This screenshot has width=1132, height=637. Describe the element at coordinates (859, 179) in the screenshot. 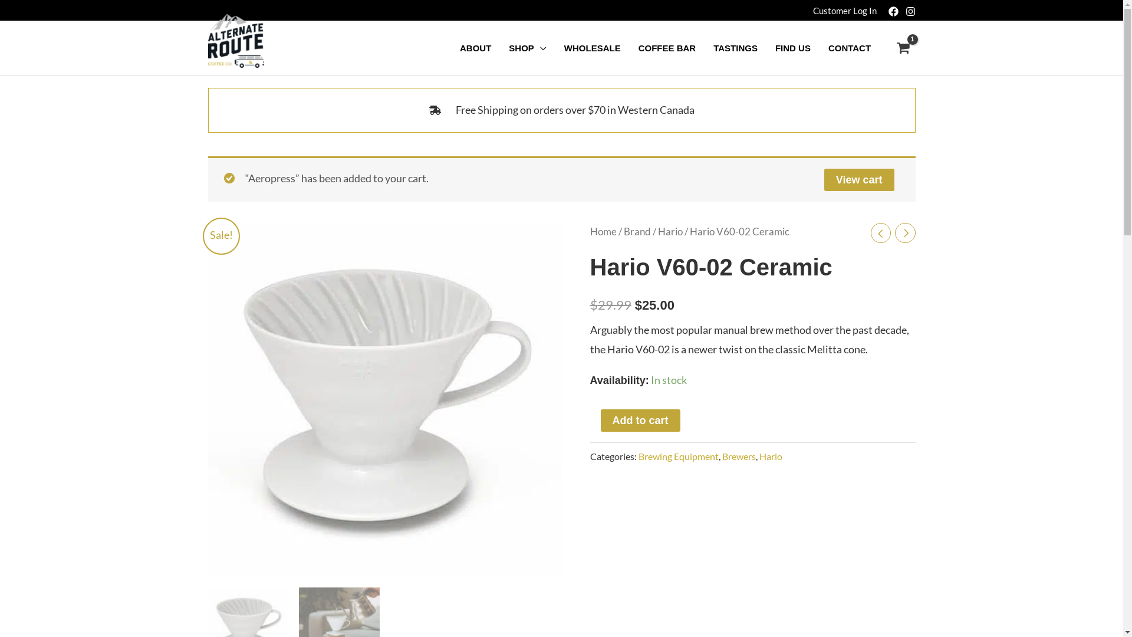

I see `'View cart'` at that location.